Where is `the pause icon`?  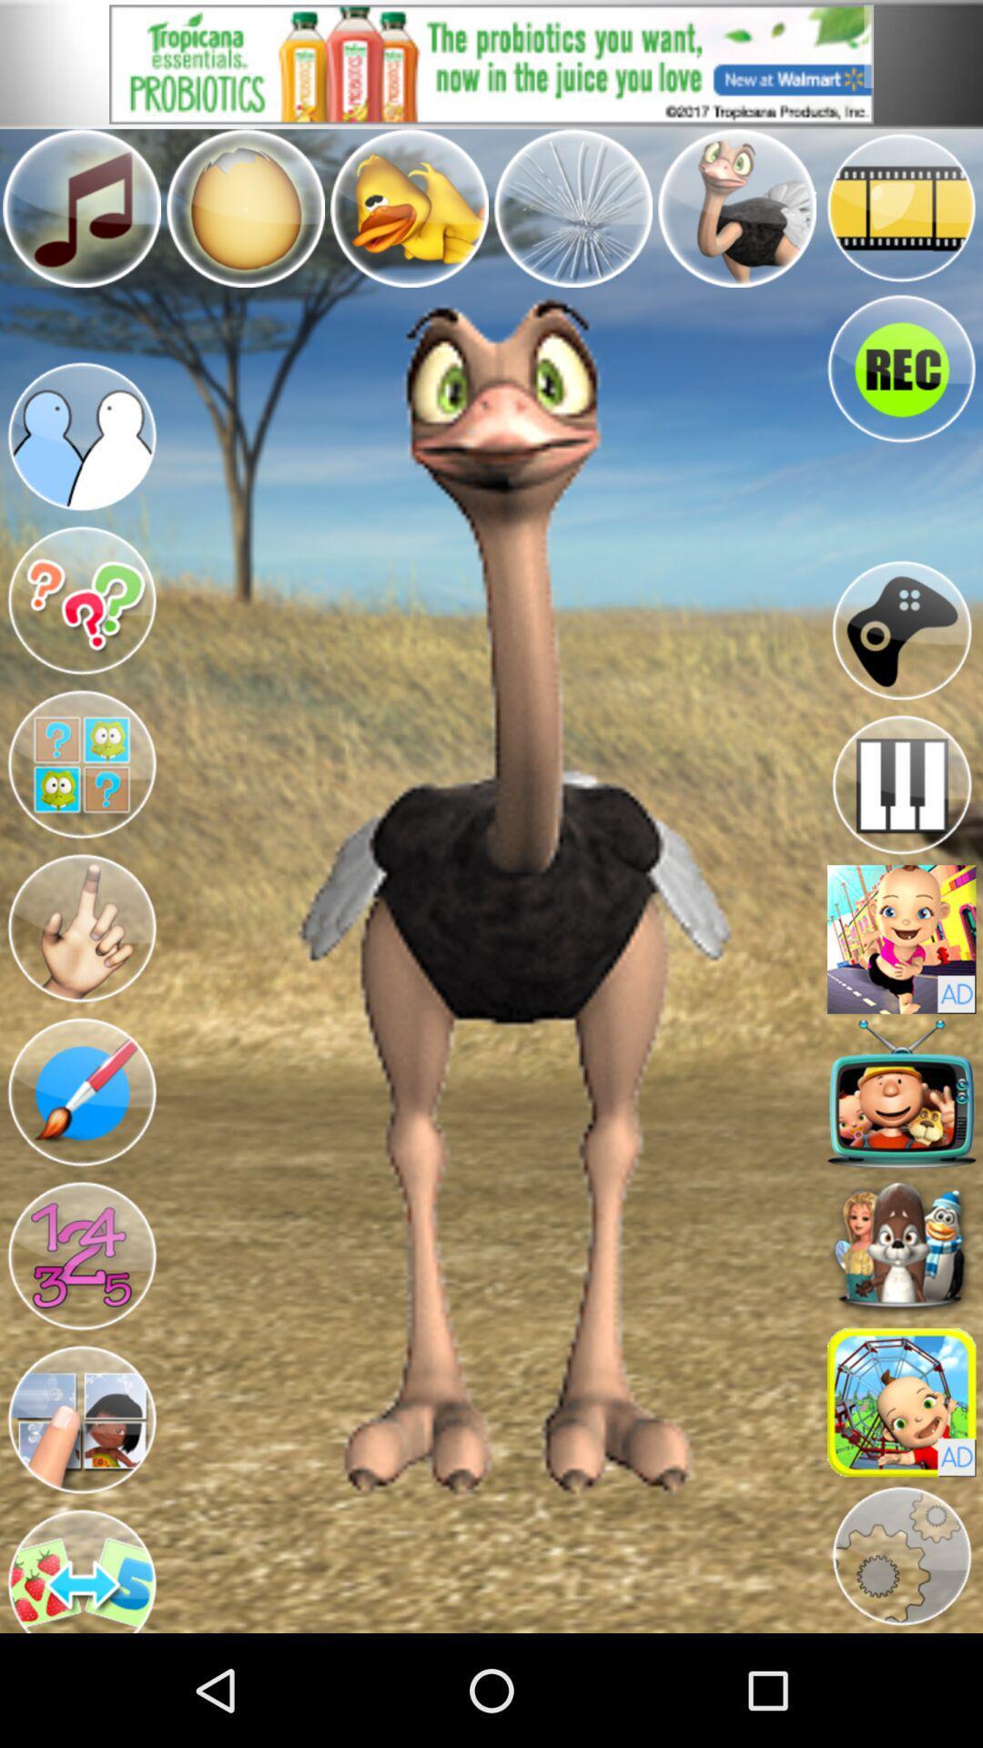
the pause icon is located at coordinates (901, 839).